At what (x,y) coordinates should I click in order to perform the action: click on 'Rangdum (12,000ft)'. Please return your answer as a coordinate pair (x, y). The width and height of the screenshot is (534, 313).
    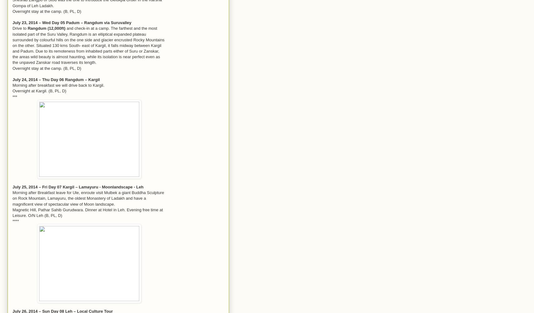
    Looking at the image, I should click on (46, 28).